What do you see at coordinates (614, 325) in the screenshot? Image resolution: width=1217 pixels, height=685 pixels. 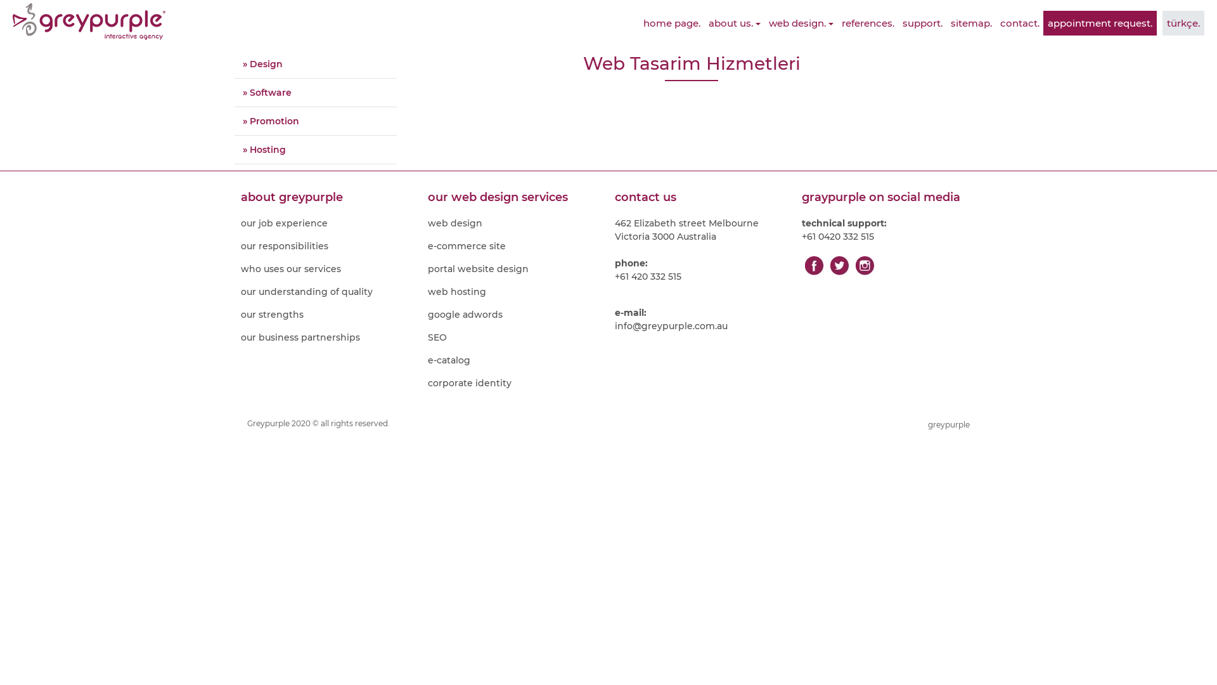 I see `'info@greypurple.com.au'` at bounding box center [614, 325].